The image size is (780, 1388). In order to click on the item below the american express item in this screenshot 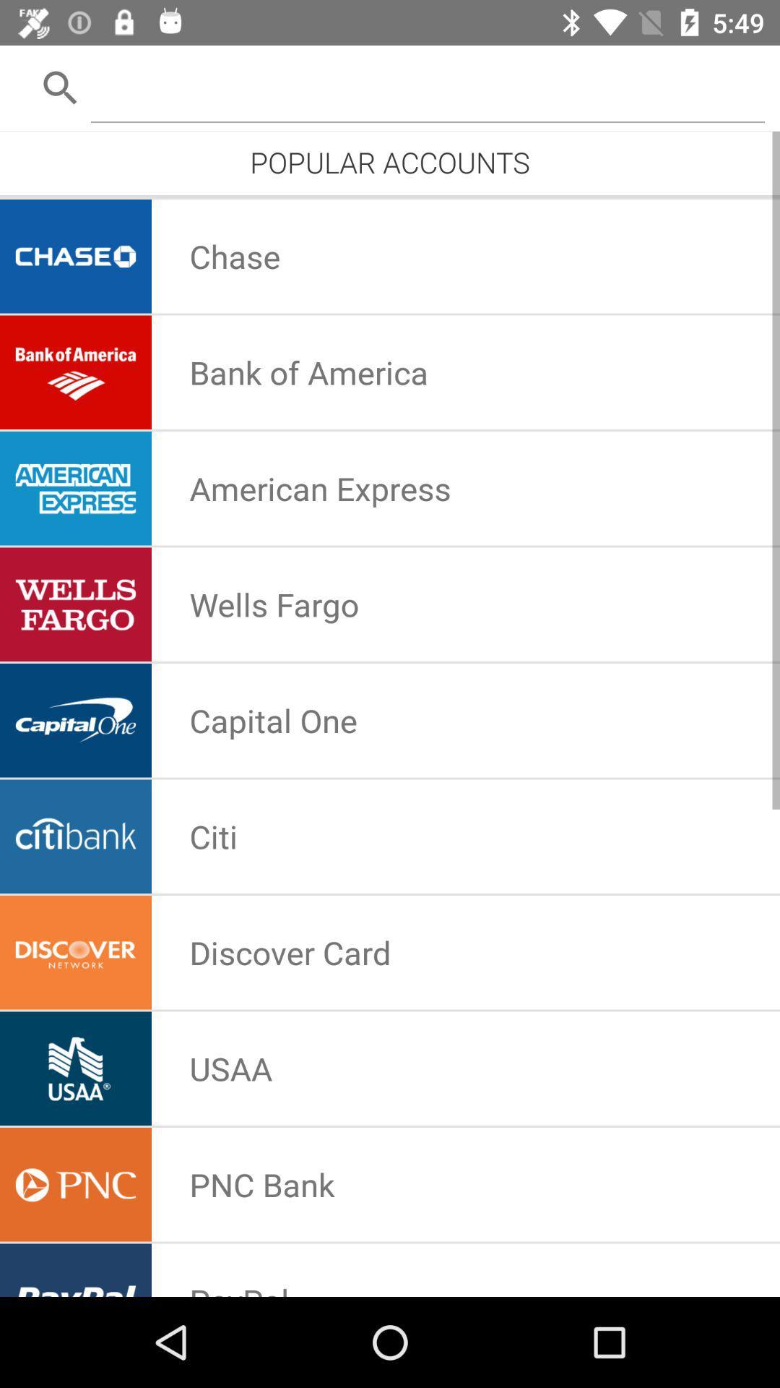, I will do `click(274, 604)`.